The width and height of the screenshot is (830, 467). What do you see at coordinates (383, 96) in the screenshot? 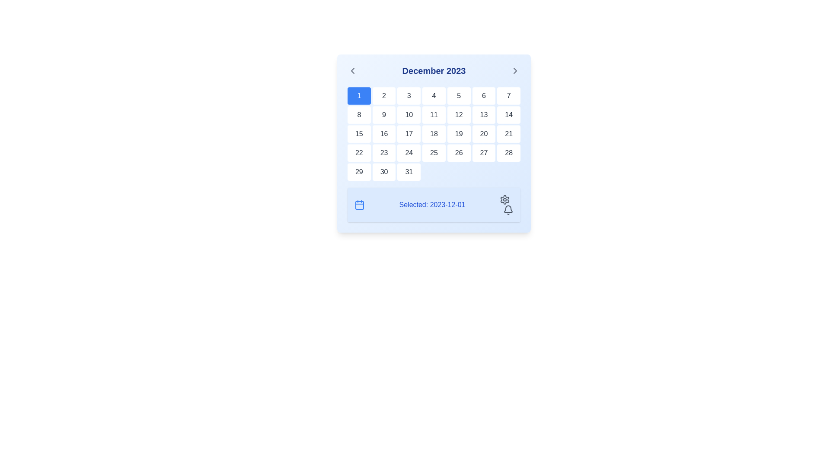
I see `the square-shaped white button with the number '2' in dark gray, located in the second column of the first row of the calendar grid` at bounding box center [383, 96].